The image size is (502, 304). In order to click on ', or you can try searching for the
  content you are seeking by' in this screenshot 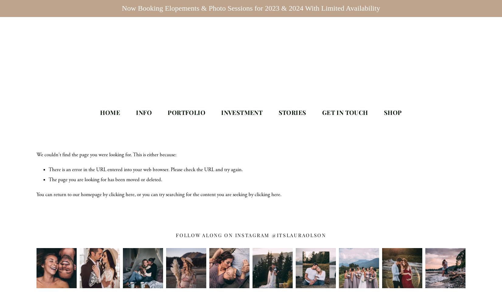, I will do `click(194, 194)`.